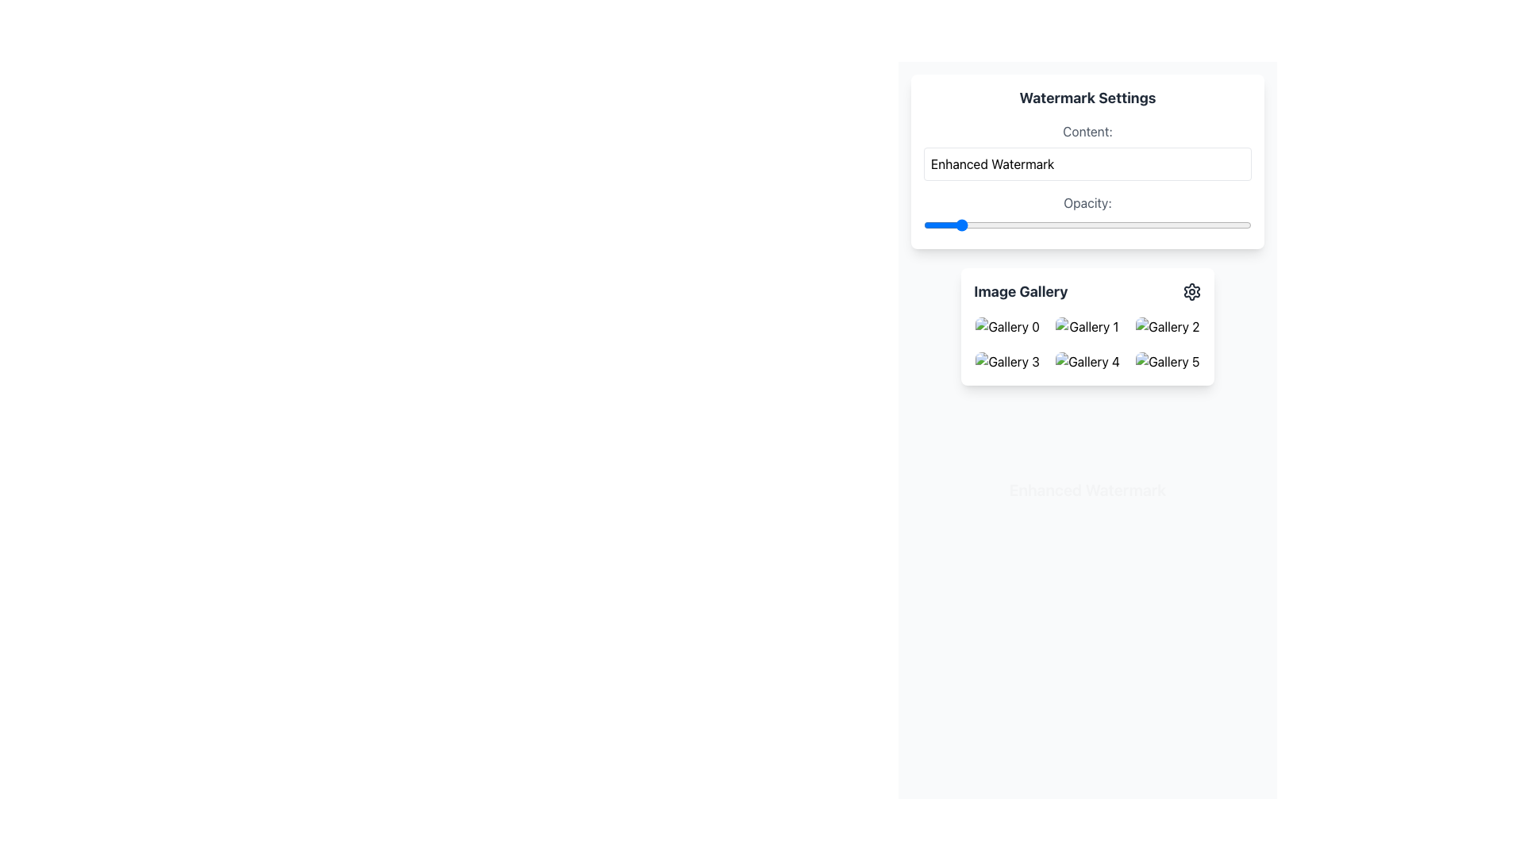  Describe the element at coordinates (1168, 361) in the screenshot. I see `the image thumbnail representing Gallery 5, which is styled with rounded corners and is located in the last cell of the bottom row of the Image Gallery grid` at that location.